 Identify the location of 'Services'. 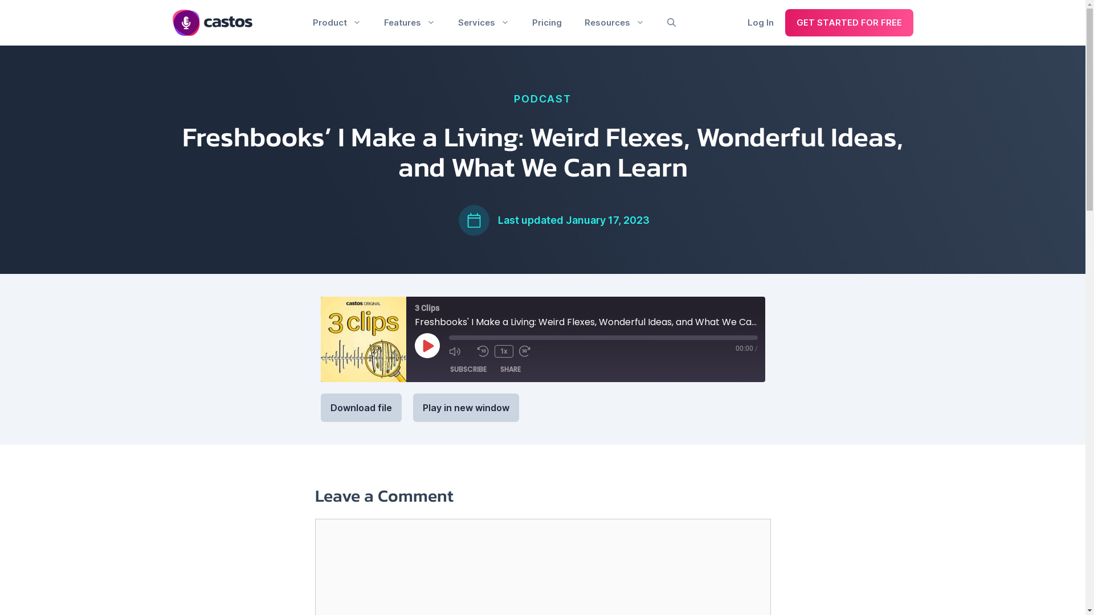
(484, 22).